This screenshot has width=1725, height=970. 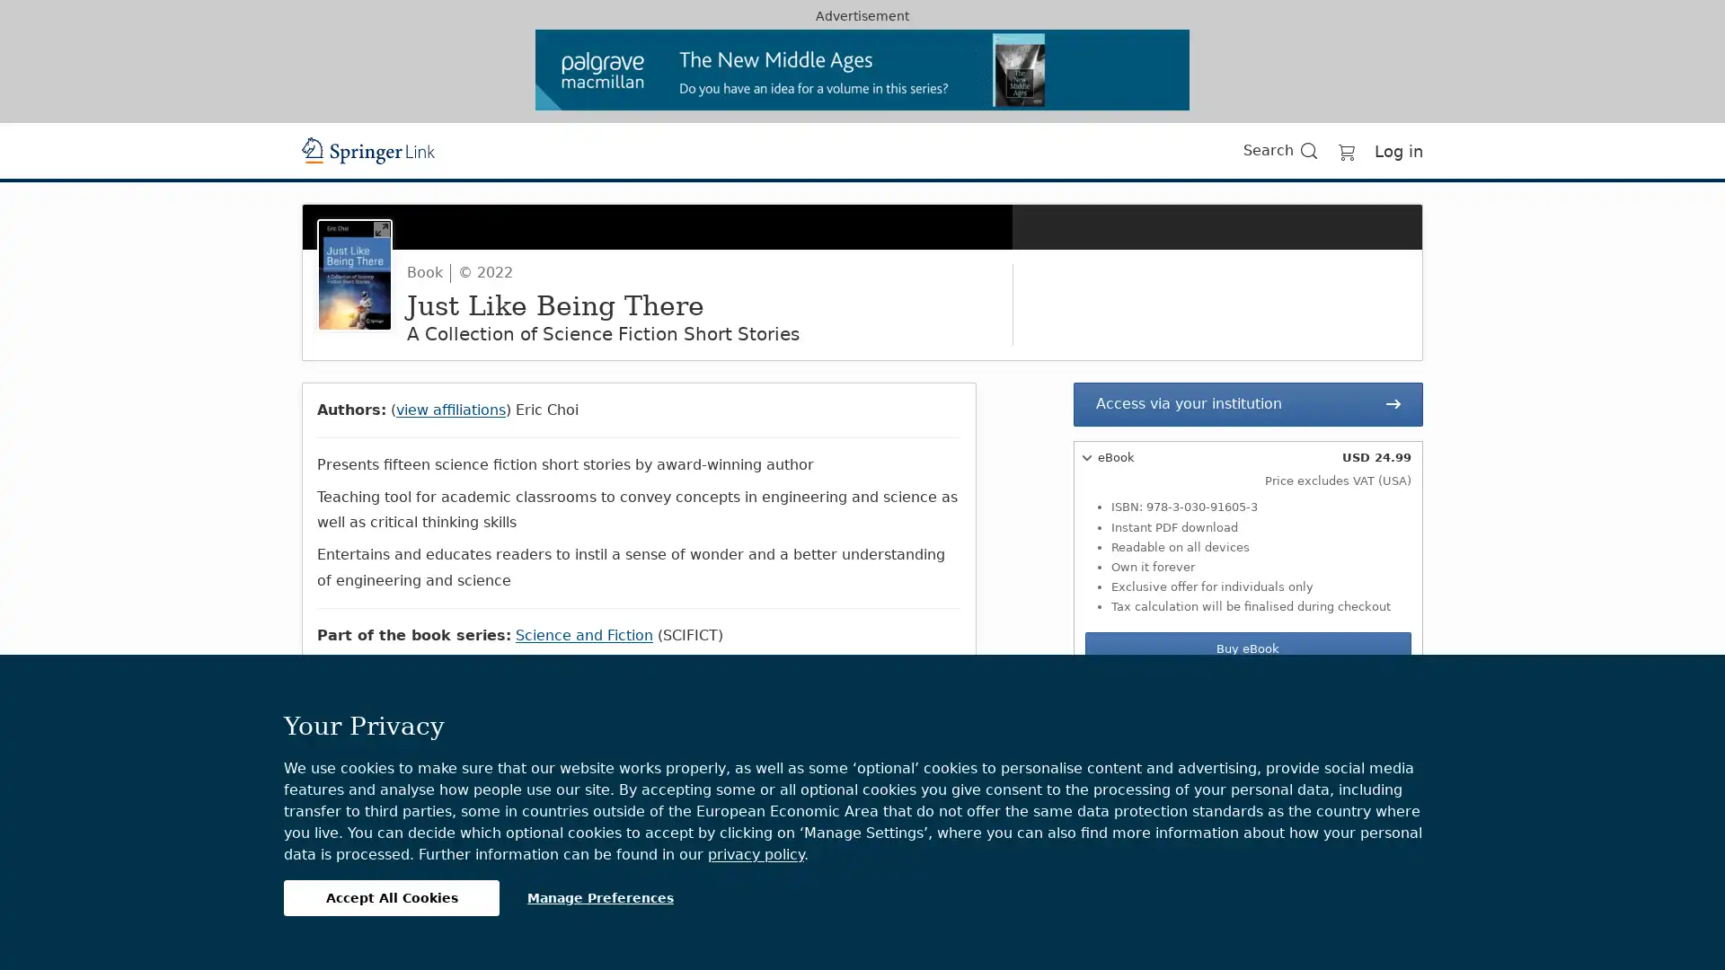 I want to click on Go to cart, so click(x=1346, y=149).